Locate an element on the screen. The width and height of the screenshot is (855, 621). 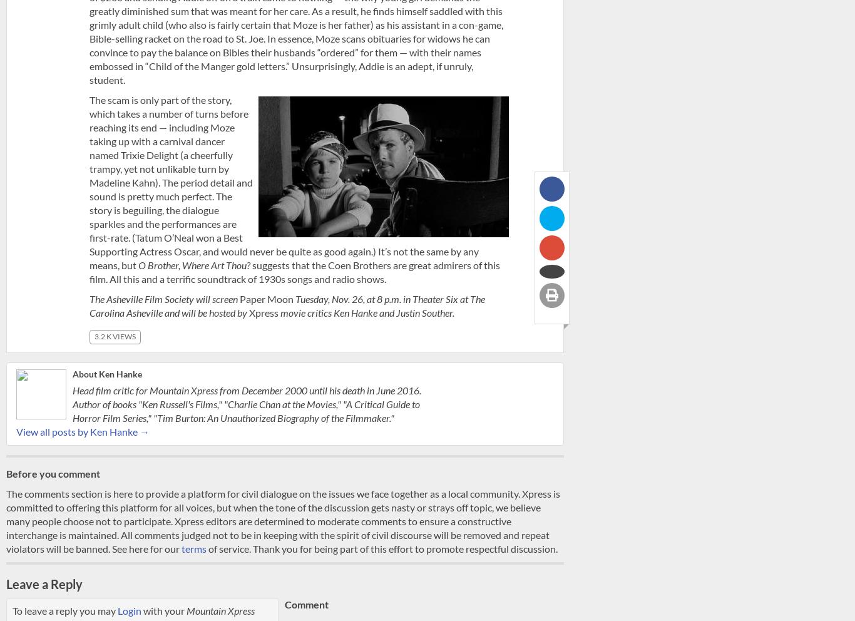
'3.2 K views' is located at coordinates (115, 336).